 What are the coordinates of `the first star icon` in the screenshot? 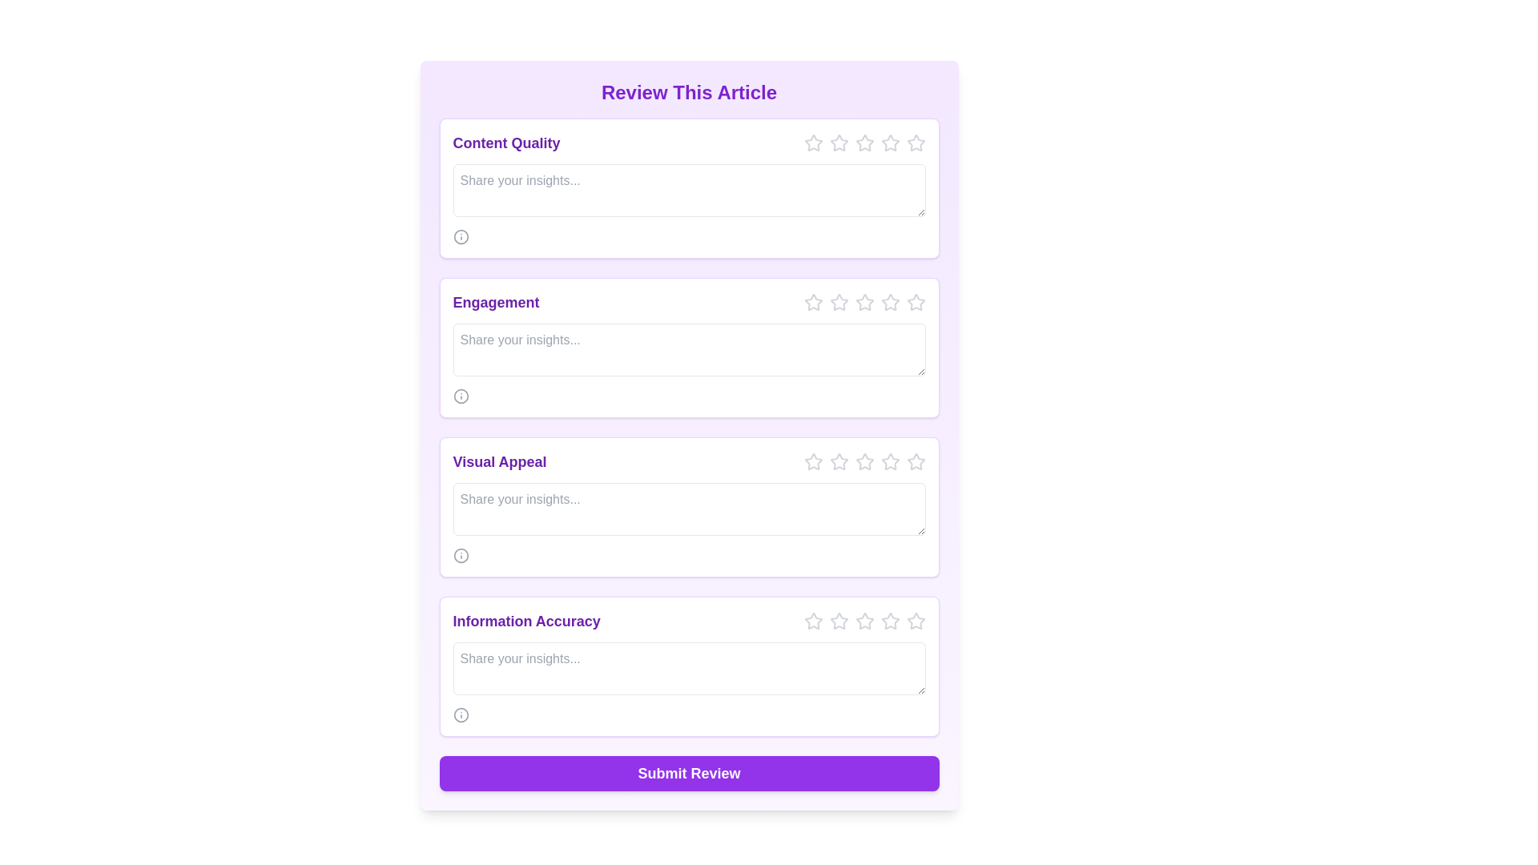 It's located at (812, 302).